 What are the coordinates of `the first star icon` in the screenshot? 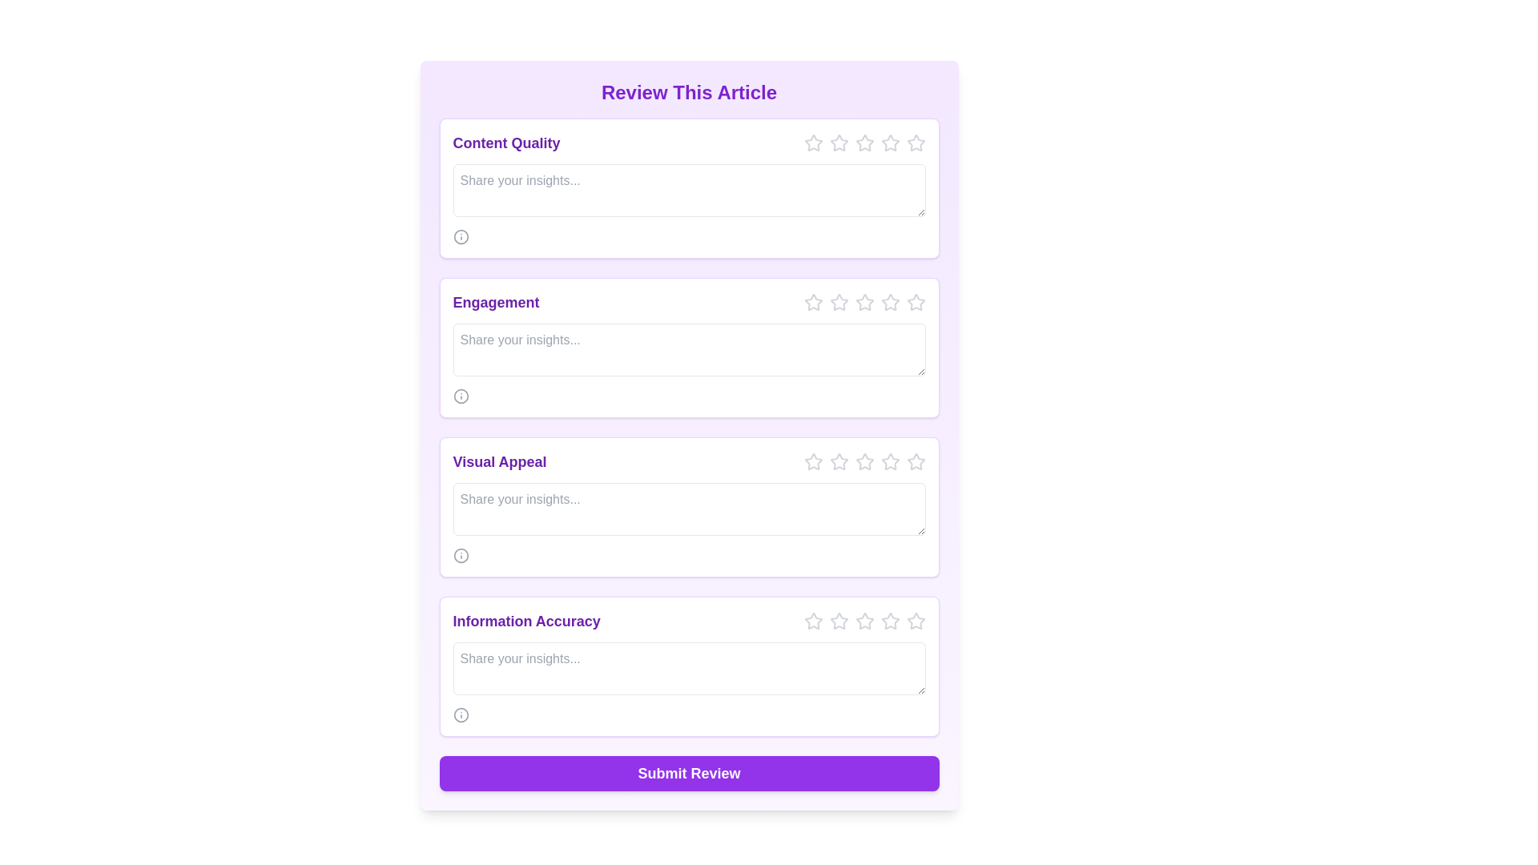 It's located at (812, 302).